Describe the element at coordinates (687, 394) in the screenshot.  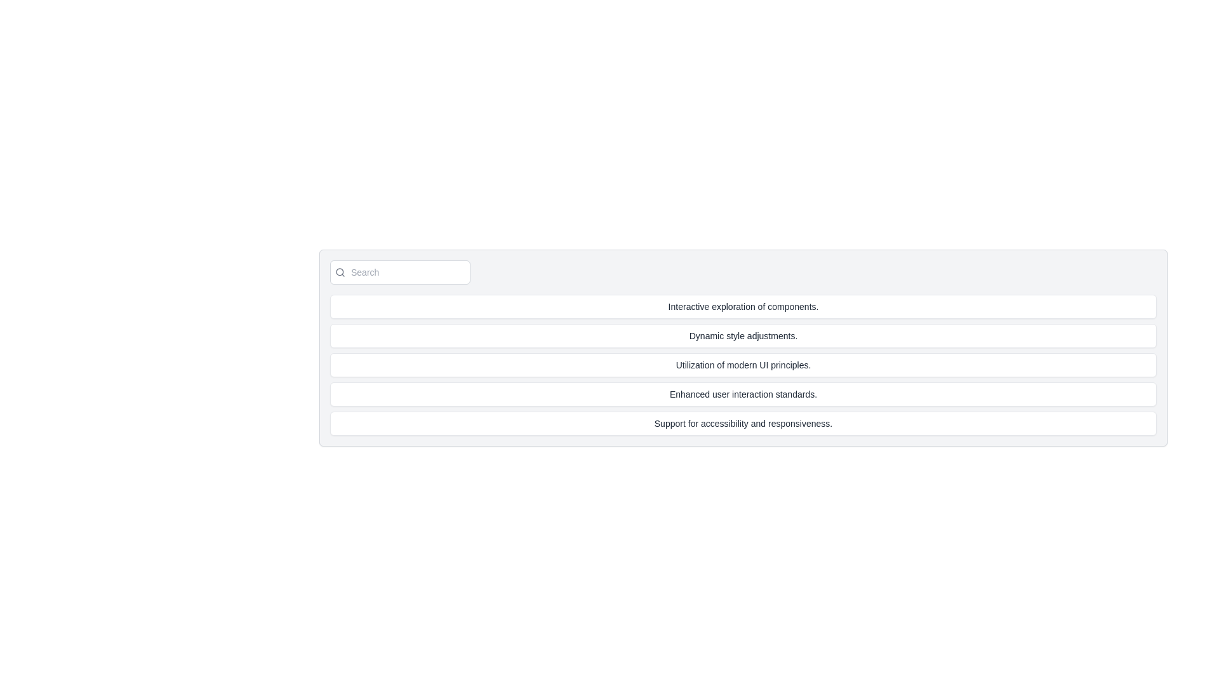
I see `the text element that displays 'Enhanced user interaction standards.' specifically located between the letters 'h' and 'n' of the word 'Enhanced'` at that location.